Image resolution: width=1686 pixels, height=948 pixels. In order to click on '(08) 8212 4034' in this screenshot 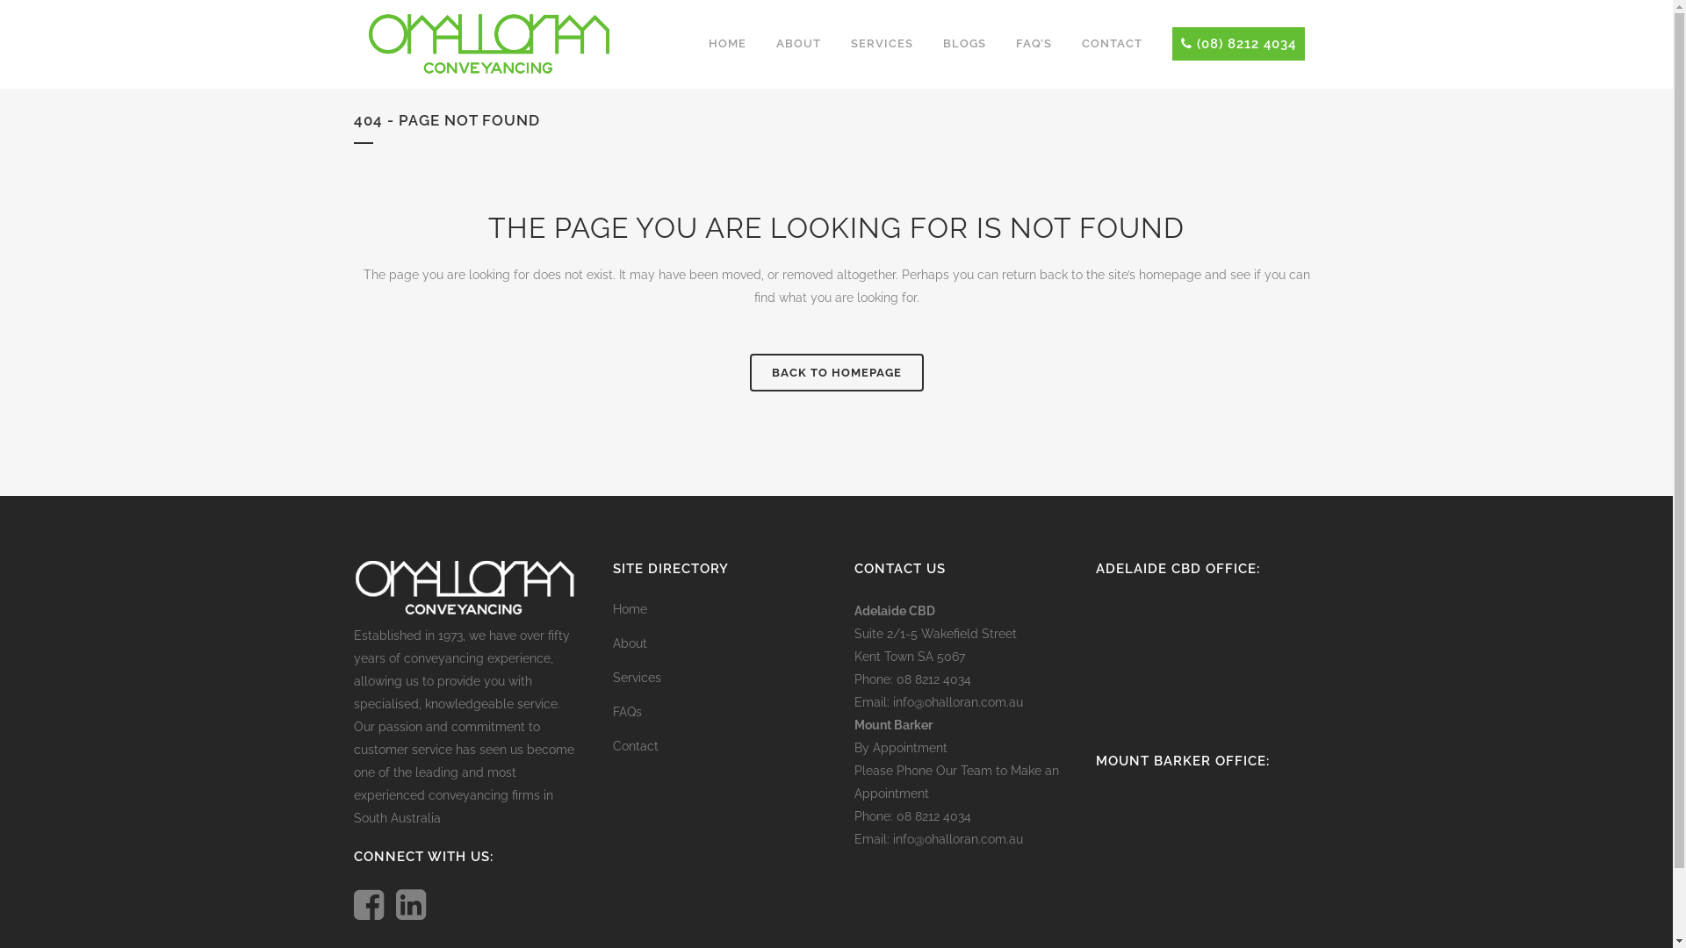, I will do `click(1237, 43)`.